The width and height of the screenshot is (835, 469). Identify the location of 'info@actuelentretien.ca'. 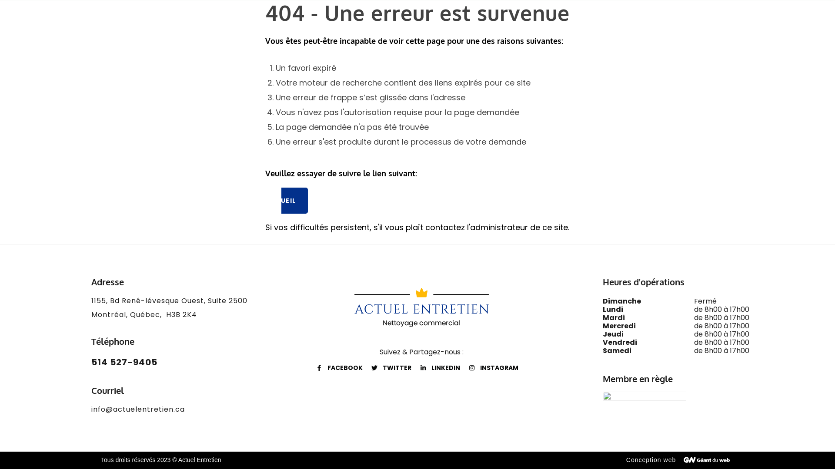
(137, 409).